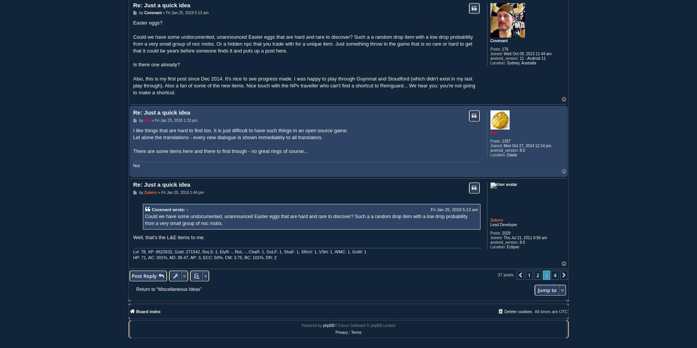 The width and height of the screenshot is (697, 348). Describe the element at coordinates (205, 258) in the screenshot. I see `'HP: 71, AC: 301%, AD: 38-47, AP: 3, ECC: 50%, CM: 3.75, BC: 101%, DR: 2'` at that location.